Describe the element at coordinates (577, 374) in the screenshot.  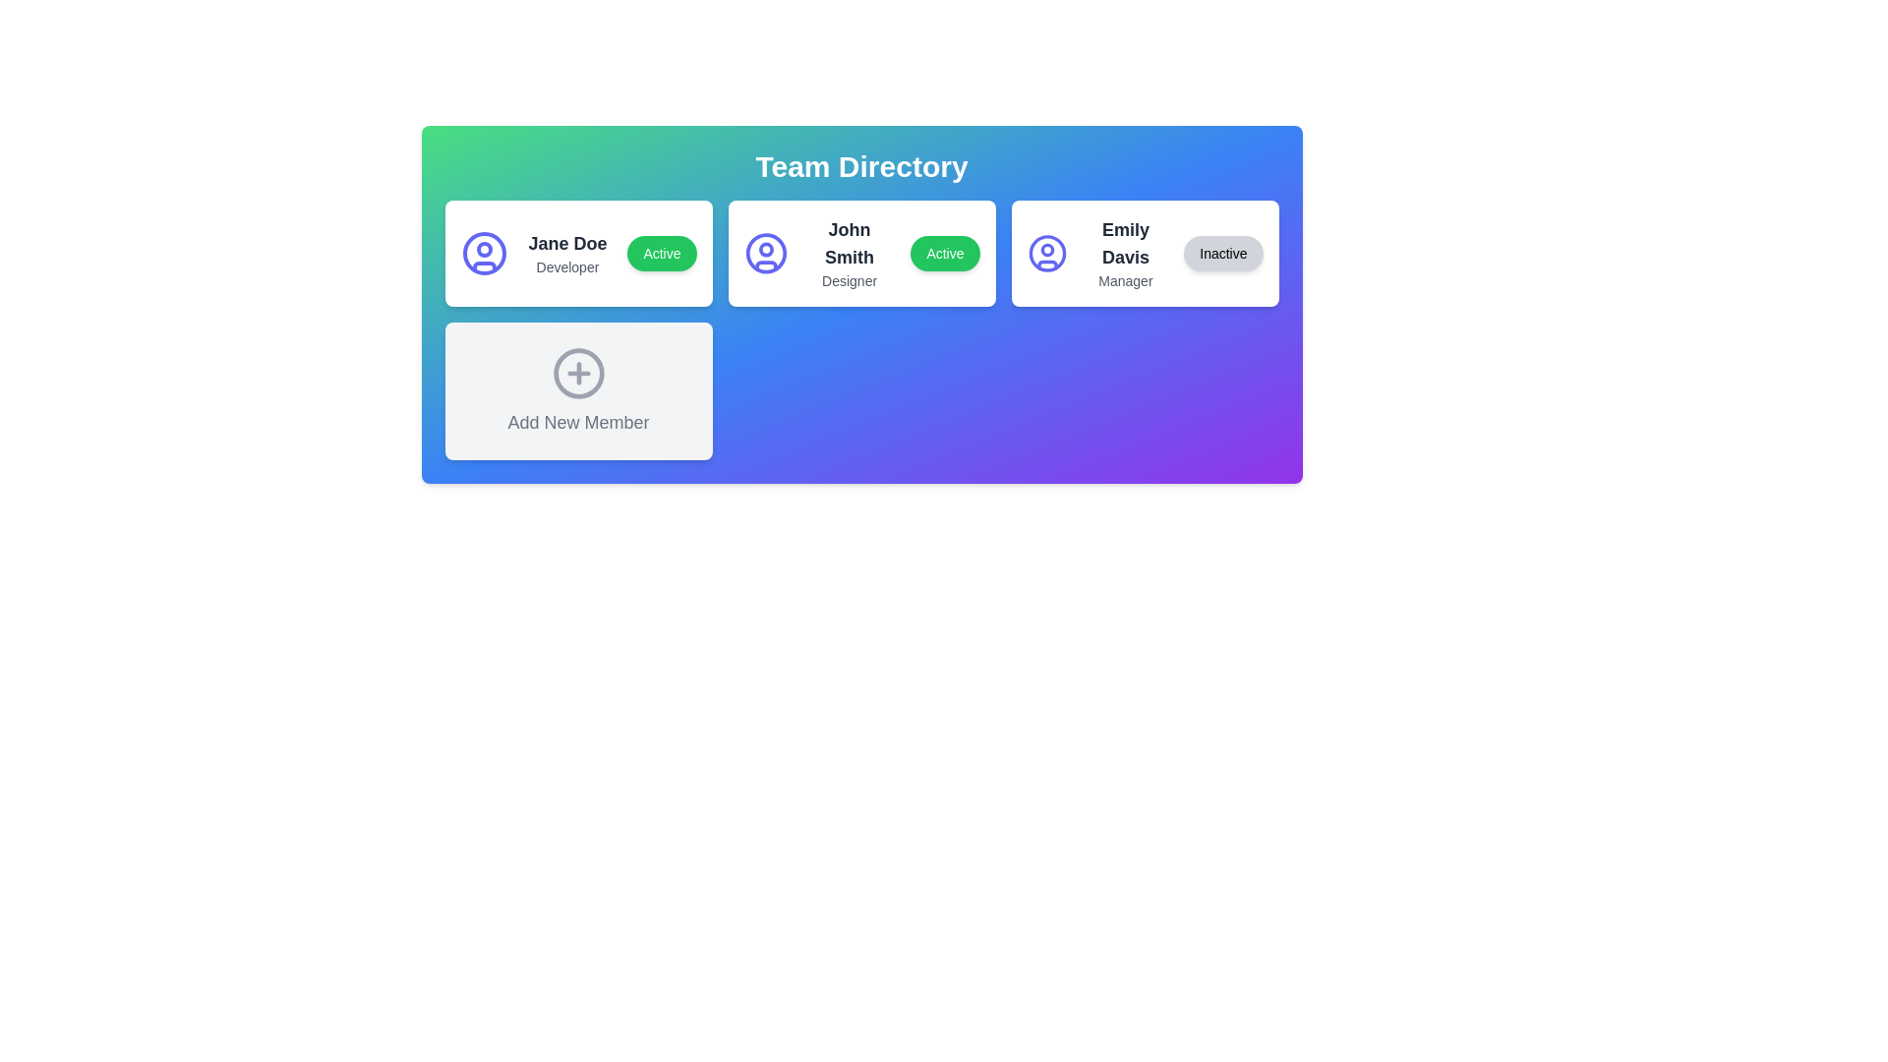
I see `the outermost SVG circle of the 'Add New Member' button icon located at the bottom left of the layout` at that location.